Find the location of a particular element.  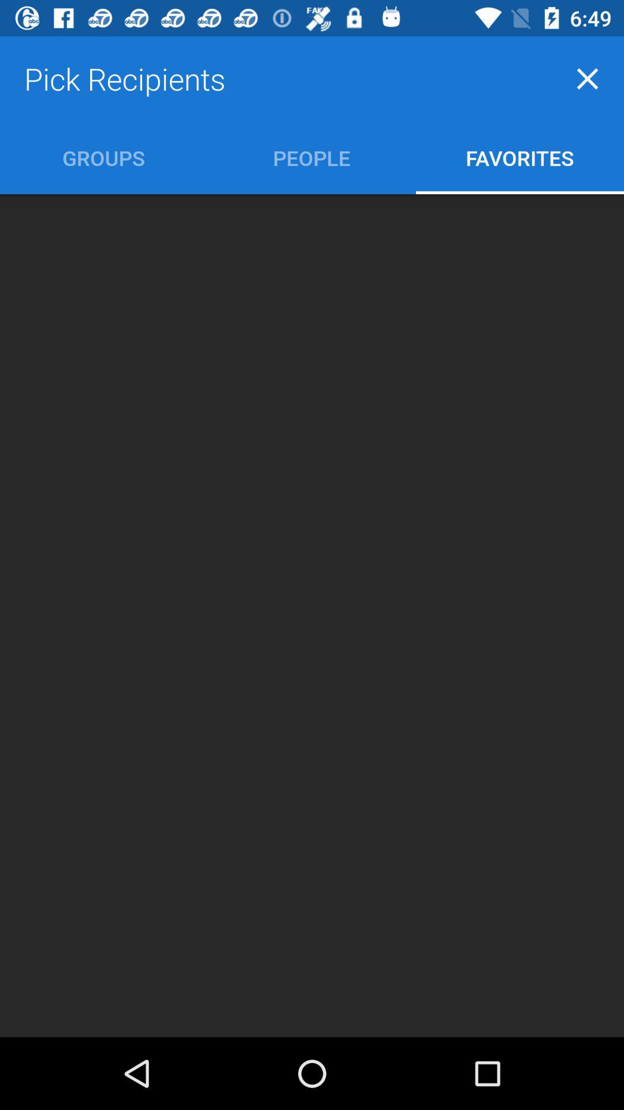

icon below pick recipients item is located at coordinates (311, 157).